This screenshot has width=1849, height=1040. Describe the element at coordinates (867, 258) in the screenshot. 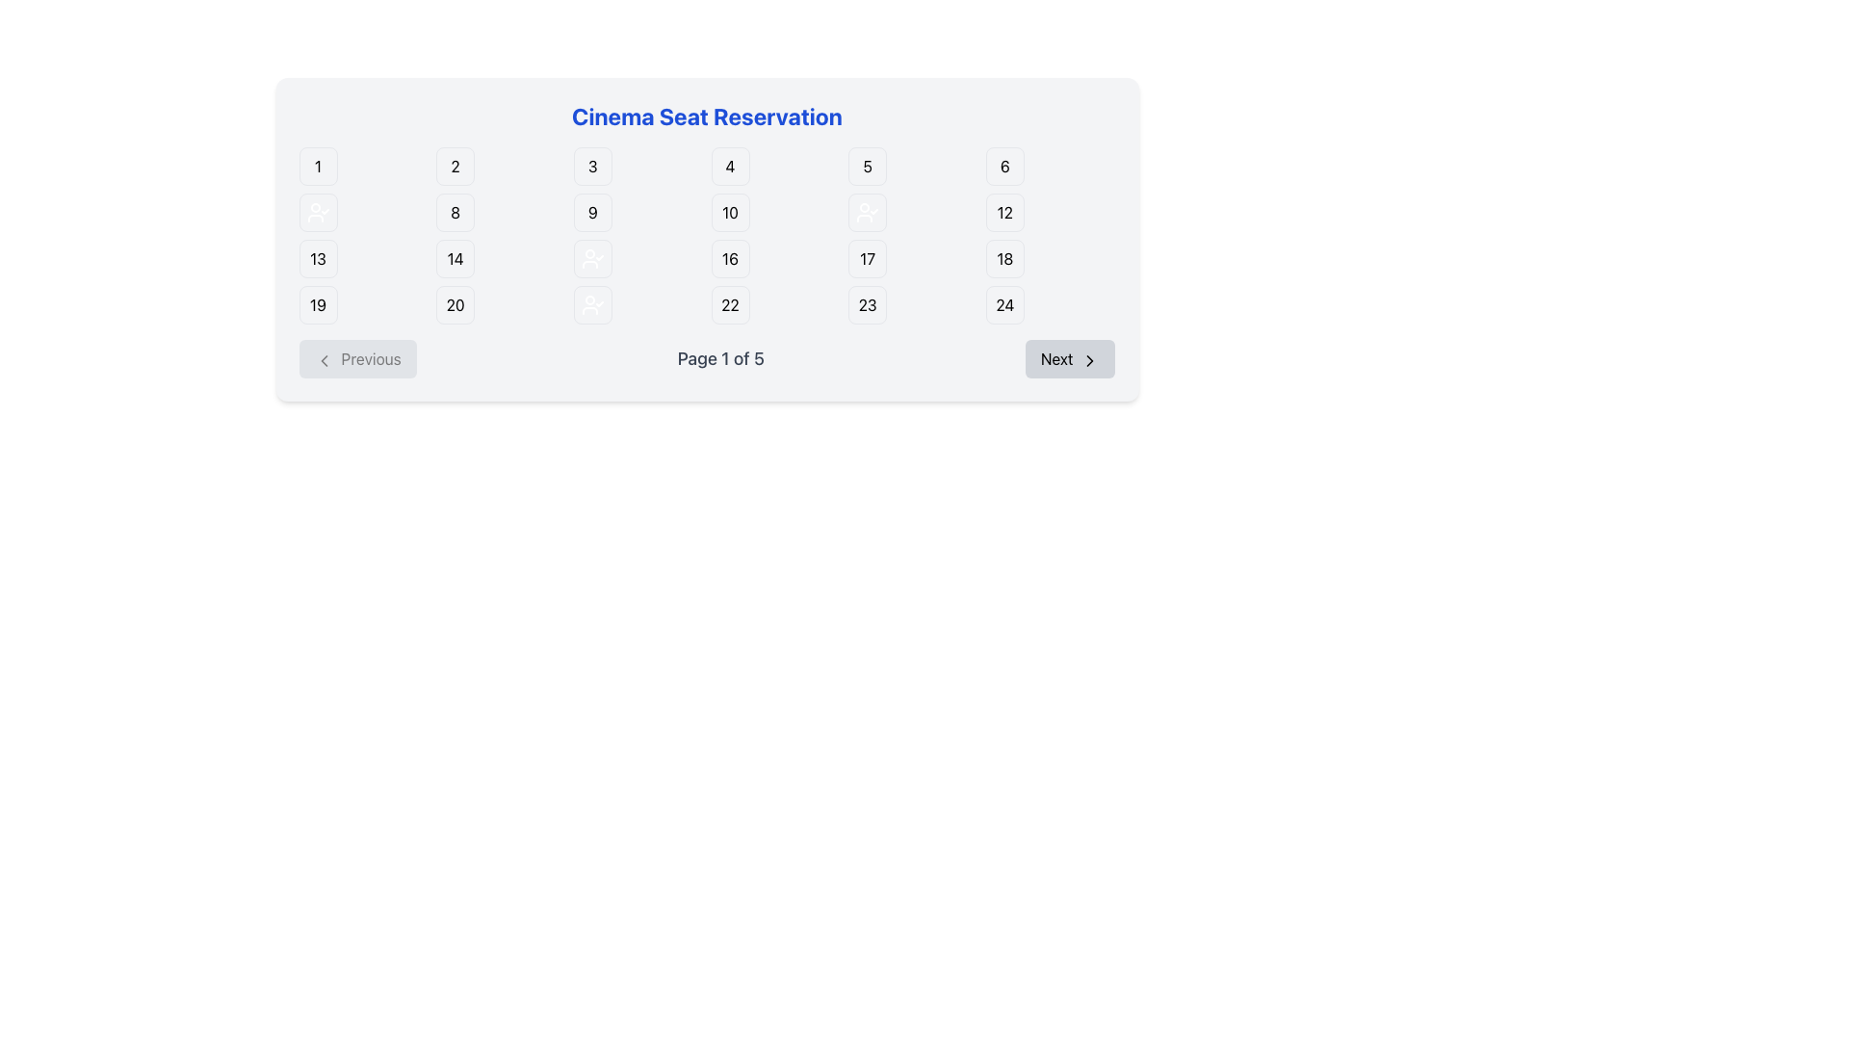

I see `the square button with rounded borders displaying the text '17', which is located in the third row, fourth column of the grid layout` at that location.